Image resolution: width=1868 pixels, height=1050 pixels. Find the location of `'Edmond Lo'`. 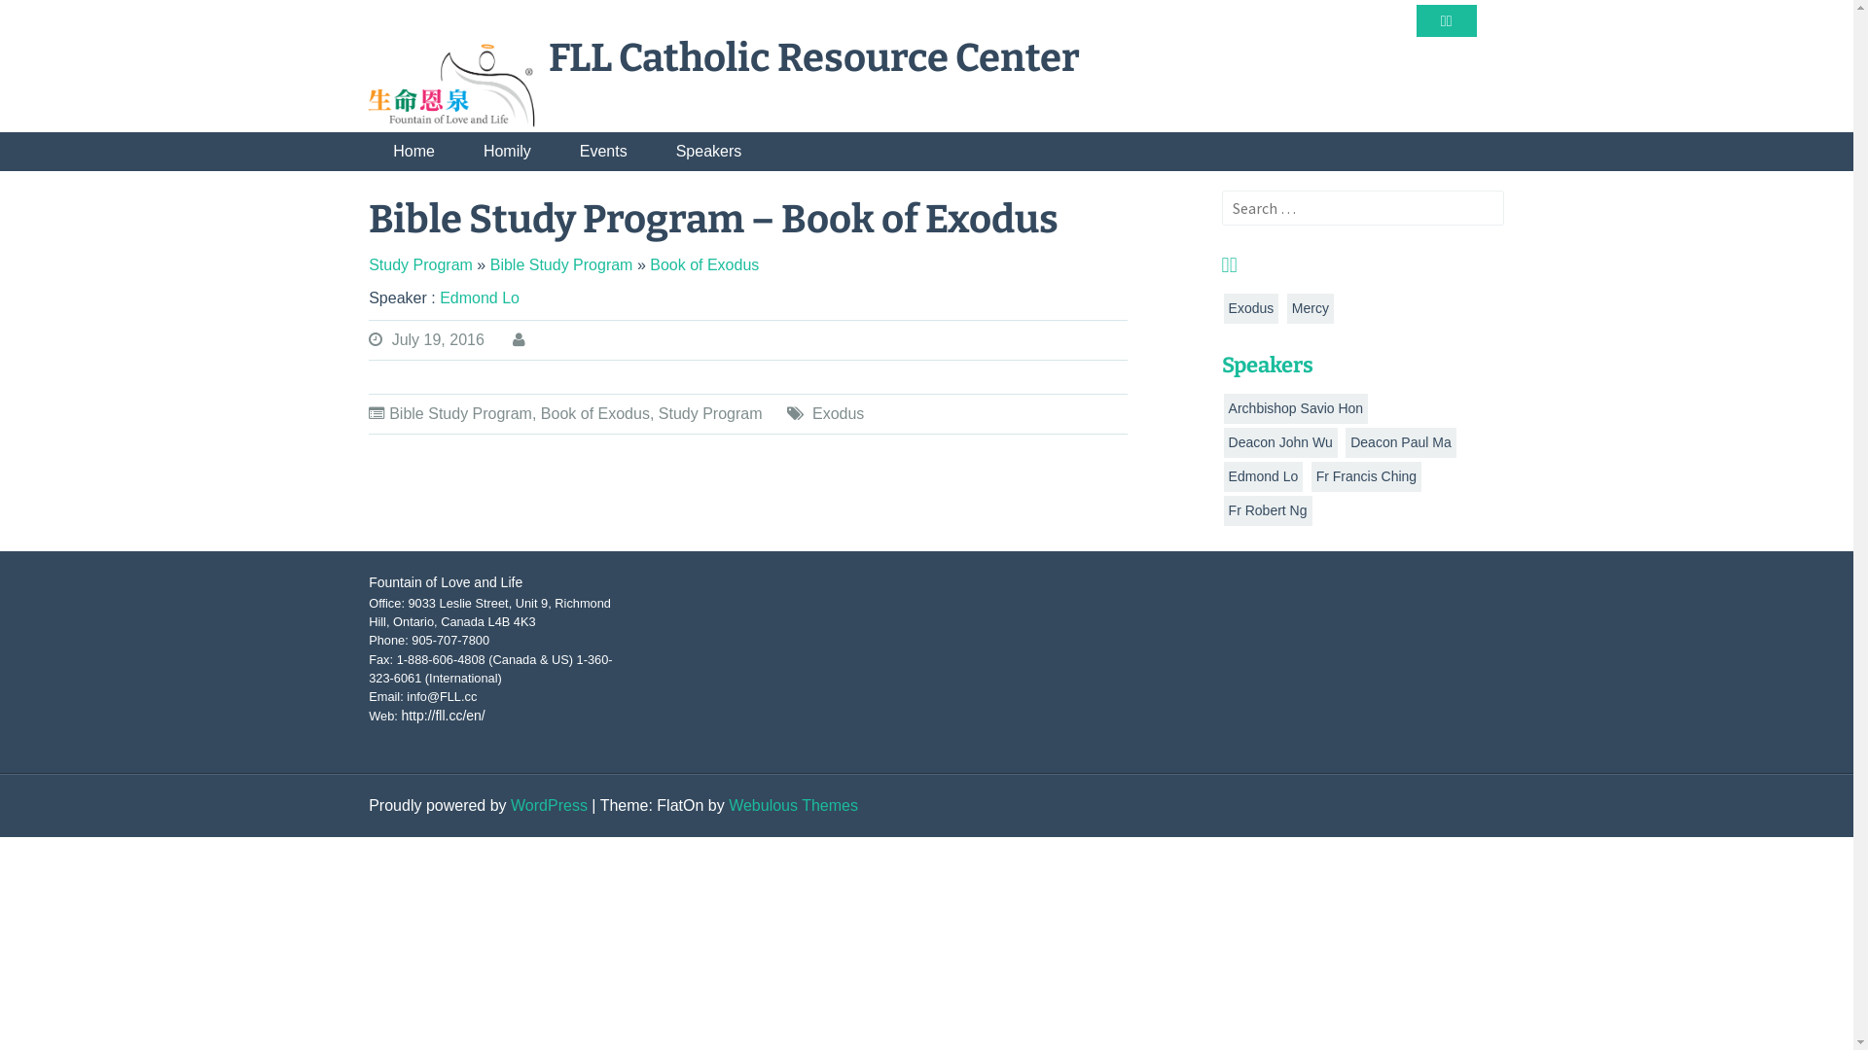

'Edmond Lo' is located at coordinates (480, 297).